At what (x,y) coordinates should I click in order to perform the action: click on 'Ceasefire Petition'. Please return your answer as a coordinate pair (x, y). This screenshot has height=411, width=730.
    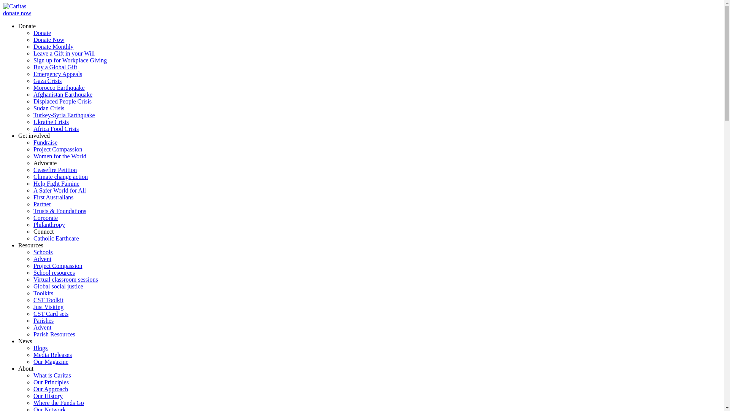
    Looking at the image, I should click on (33, 169).